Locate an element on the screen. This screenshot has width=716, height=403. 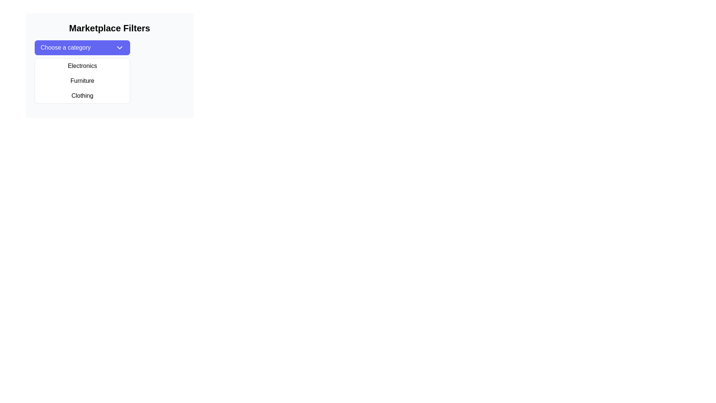
the dropdown toggle button located beneath the heading 'Marketplace Filters', which expands or collapses the menu for category options is located at coordinates (82, 47).